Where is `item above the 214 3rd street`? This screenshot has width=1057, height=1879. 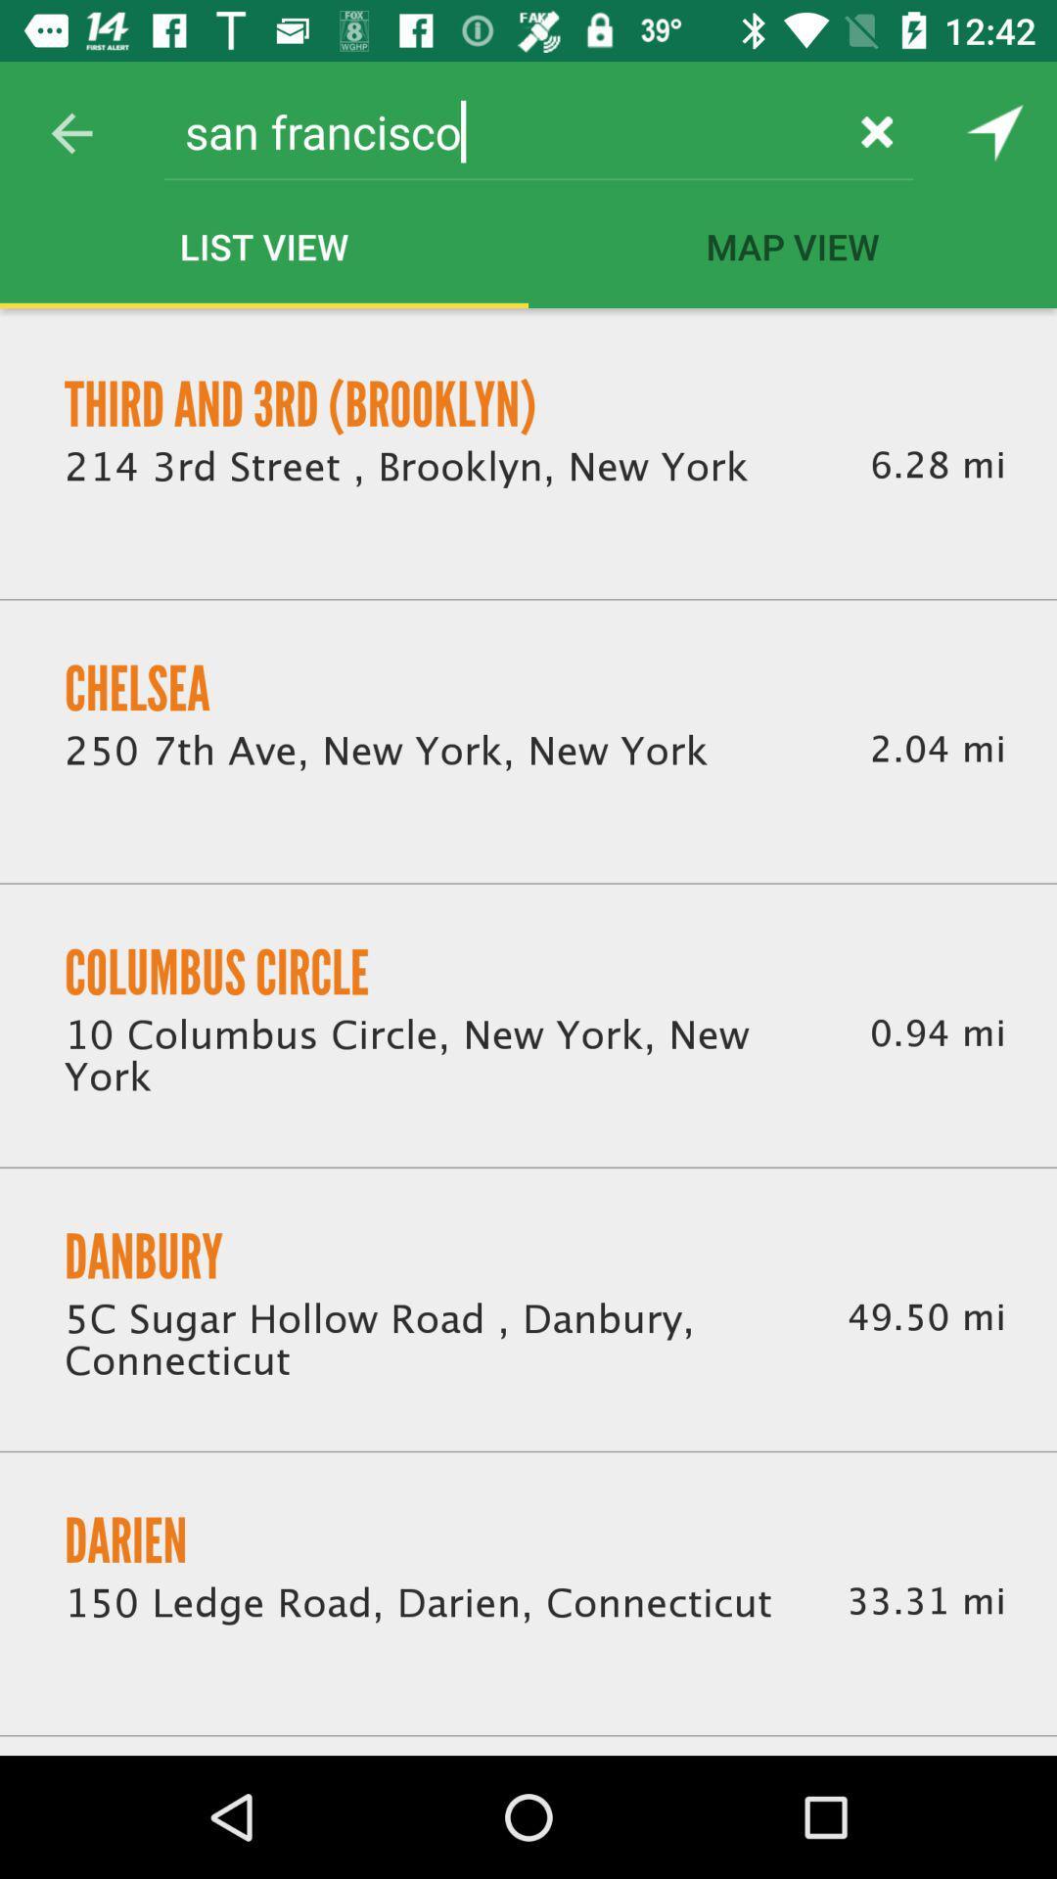
item above the 214 3rd street is located at coordinates (300, 403).